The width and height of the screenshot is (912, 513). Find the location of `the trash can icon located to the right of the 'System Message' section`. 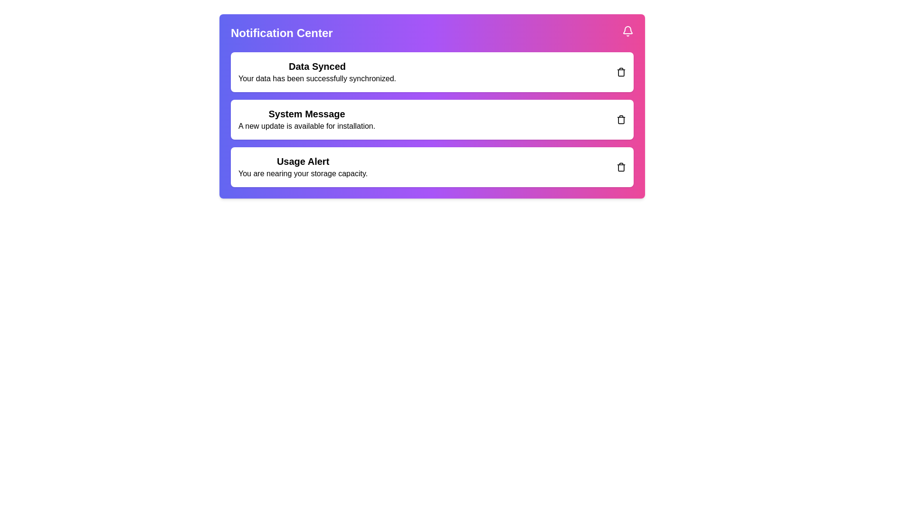

the trash can icon located to the right of the 'System Message' section is located at coordinates (621, 120).